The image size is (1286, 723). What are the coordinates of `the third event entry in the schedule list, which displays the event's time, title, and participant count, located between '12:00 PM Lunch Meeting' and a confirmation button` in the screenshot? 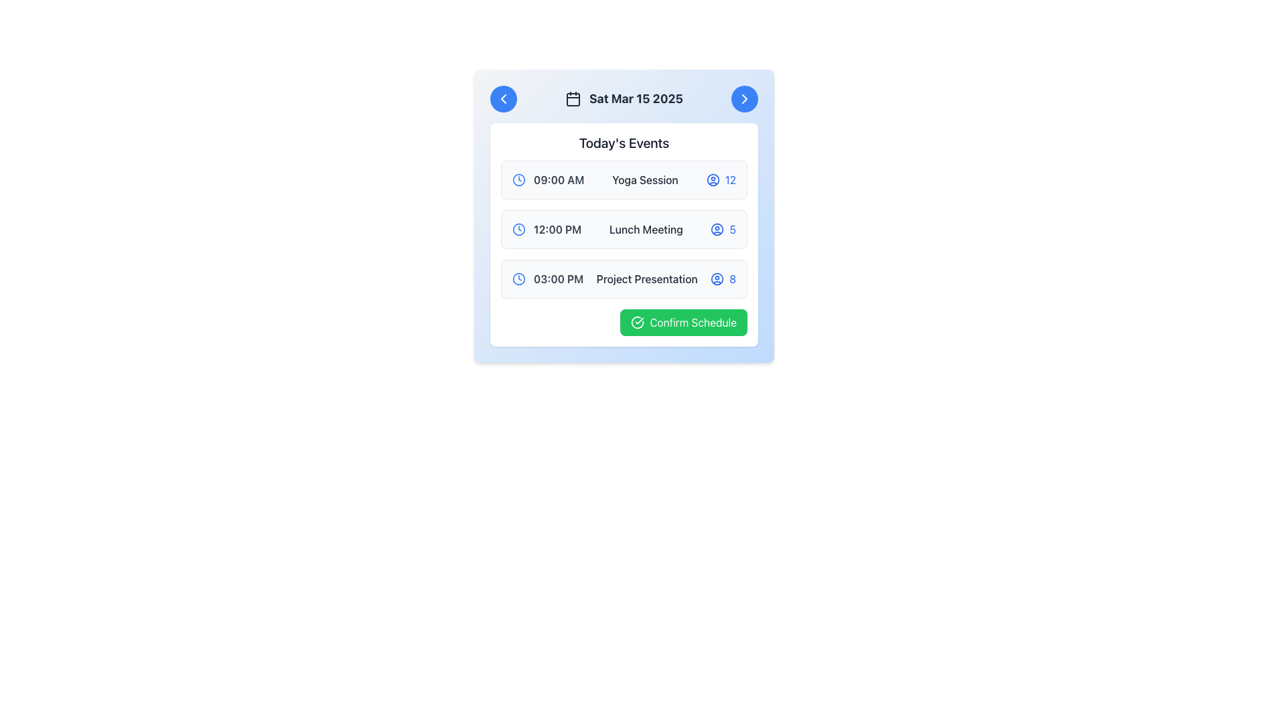 It's located at (623, 278).